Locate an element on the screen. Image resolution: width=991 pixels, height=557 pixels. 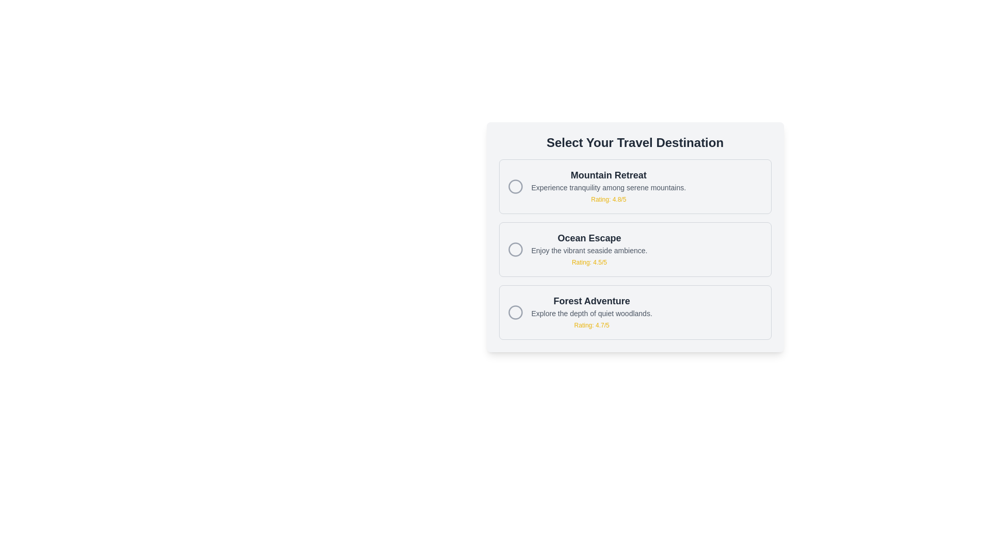
the middle selectable option for 'Ocean Escape' in the selection panel titled 'Select Your Travel Destination' is located at coordinates (589, 249).